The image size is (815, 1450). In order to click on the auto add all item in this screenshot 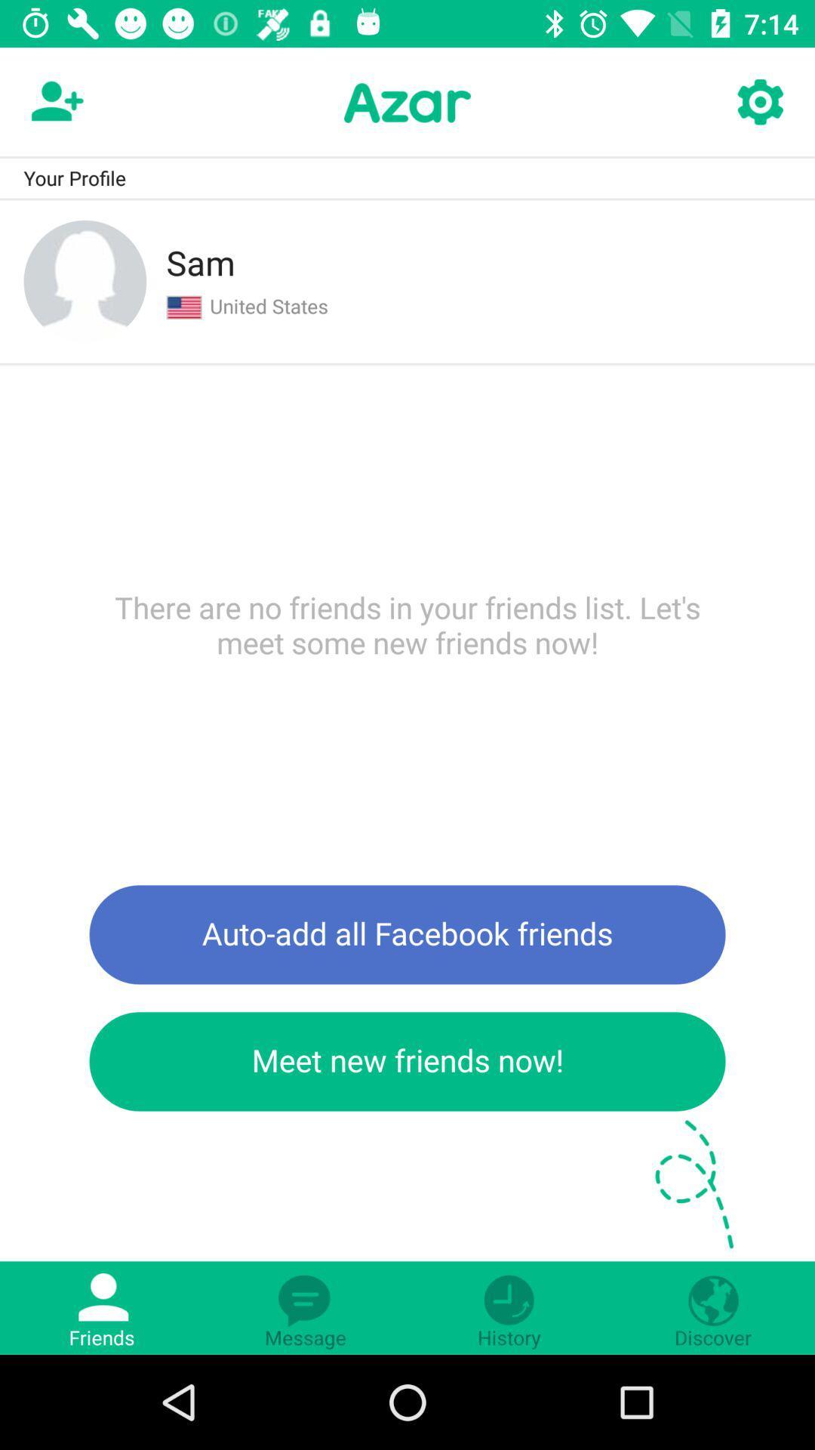, I will do `click(407, 933)`.